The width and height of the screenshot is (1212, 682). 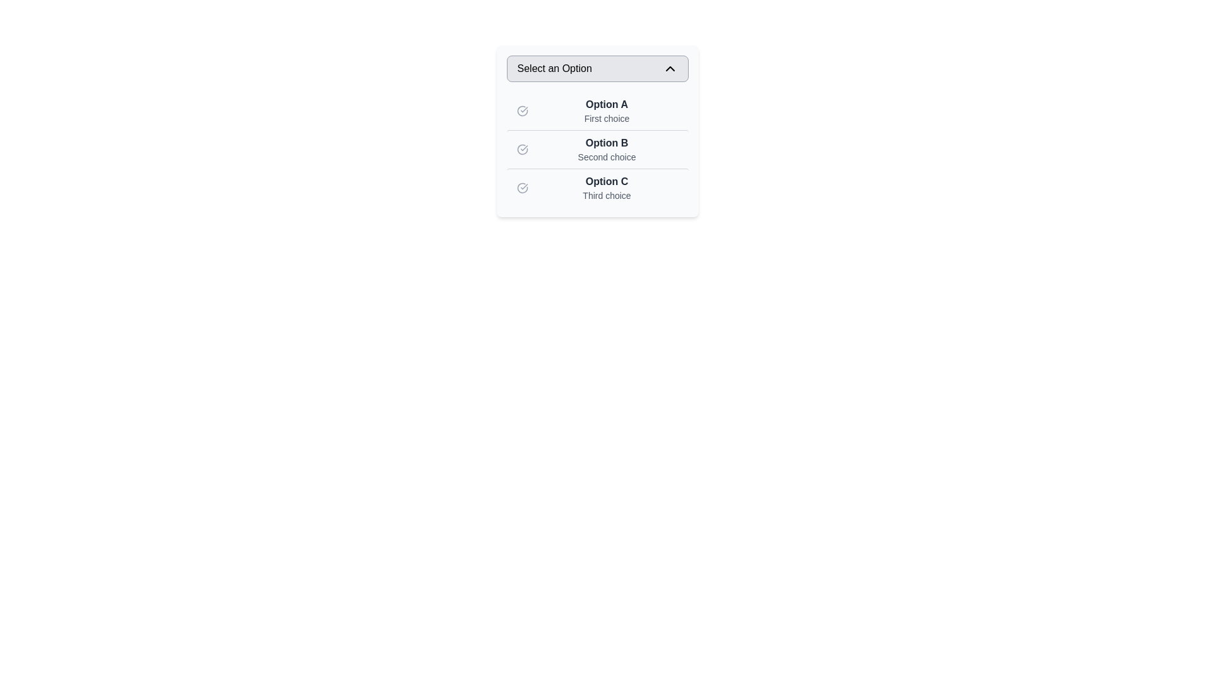 What do you see at coordinates (597, 188) in the screenshot?
I see `the List Item containing the circular check icon and the text 'Option C' with subtitle 'Third choice'` at bounding box center [597, 188].